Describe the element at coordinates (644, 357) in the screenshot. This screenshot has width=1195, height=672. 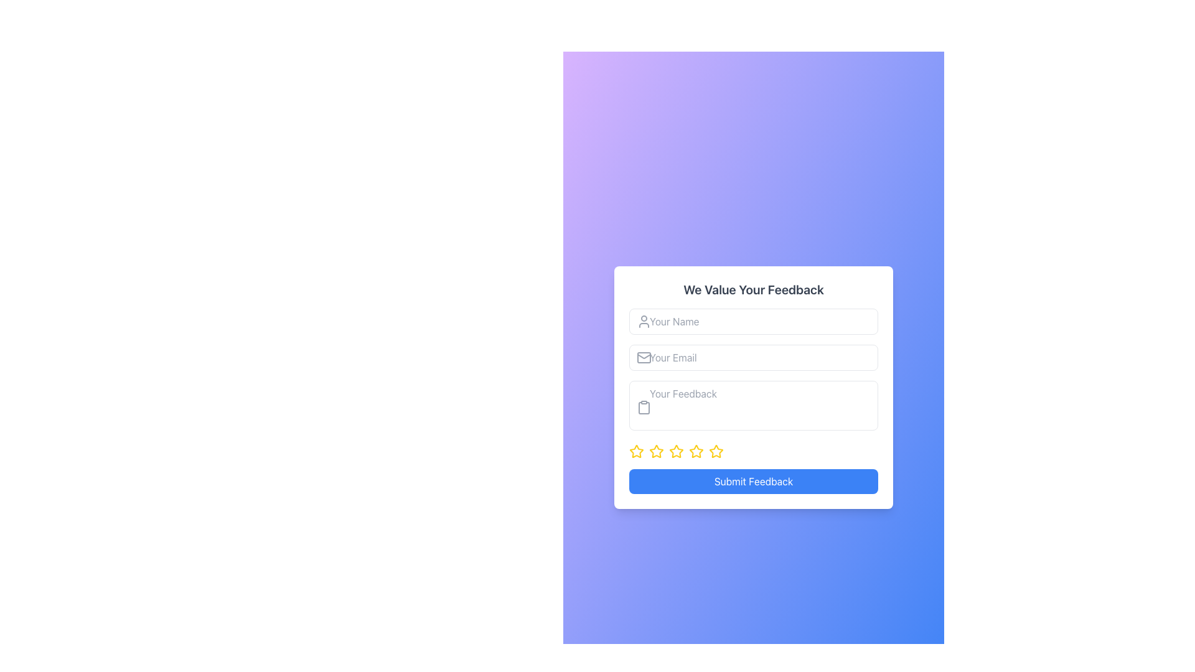
I see `the mail icon that visually indicates the associated input field is intended for email addresses, located to the left of the placeholder text in the 'Your Email' input field` at that location.